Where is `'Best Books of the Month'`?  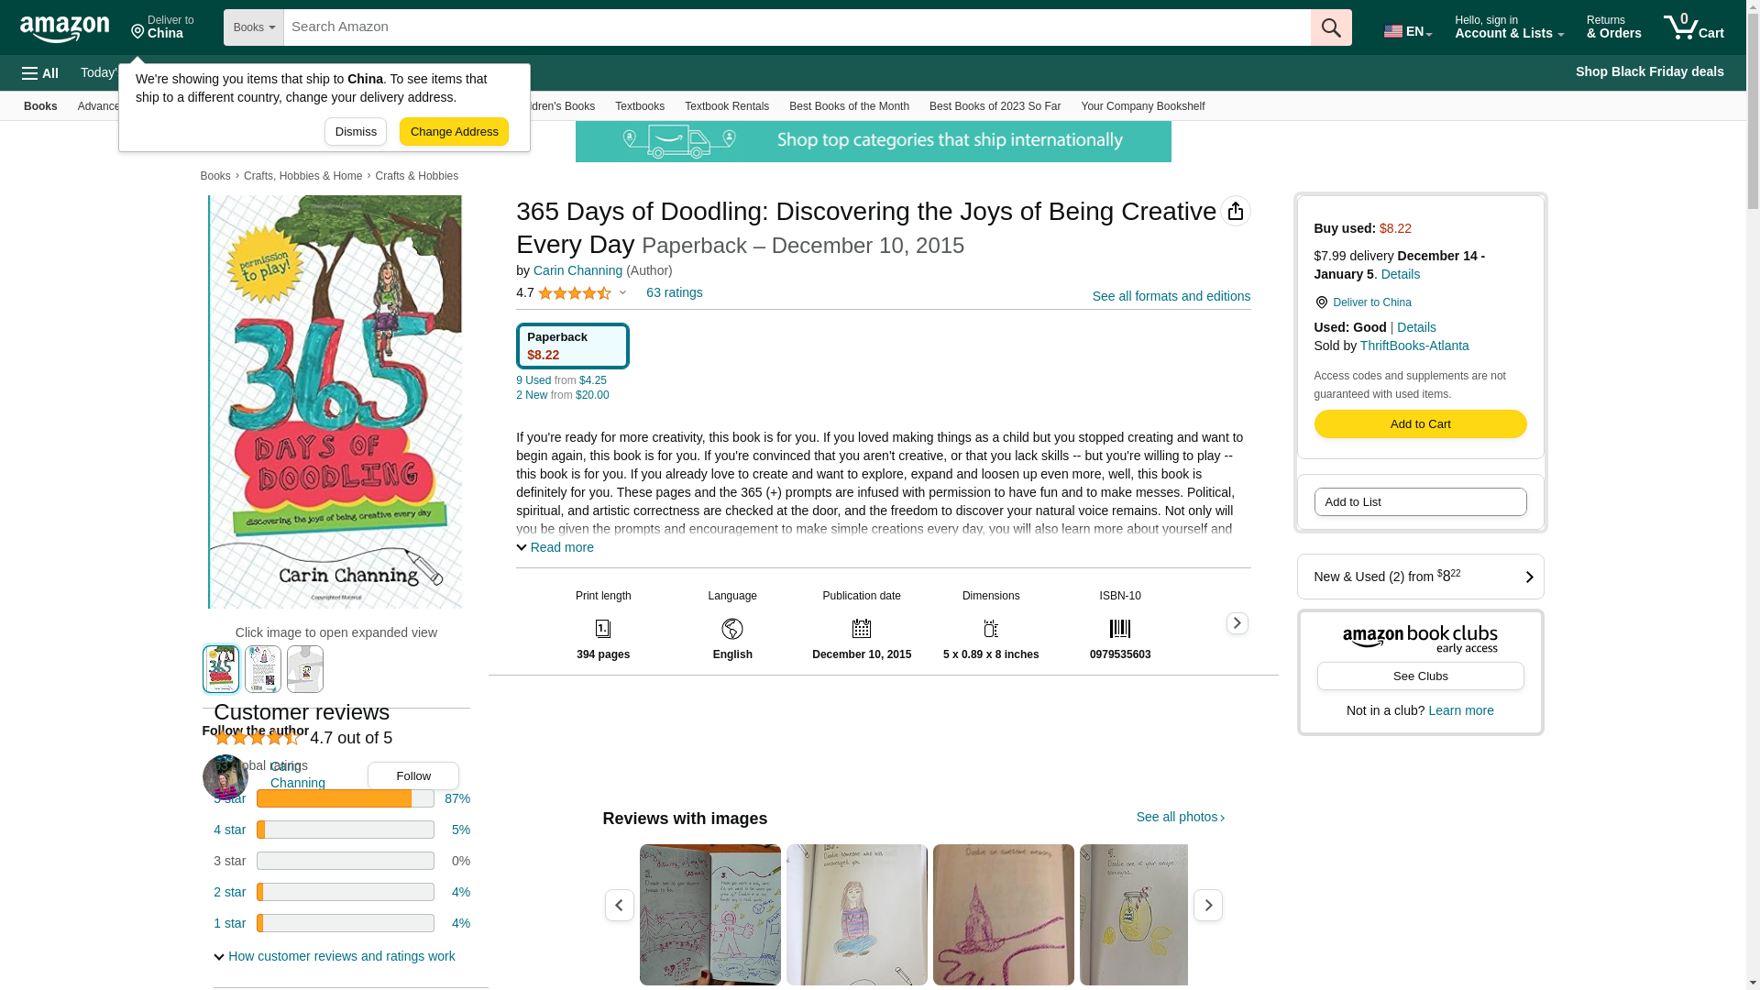
'Best Books of the Month' is located at coordinates (778, 105).